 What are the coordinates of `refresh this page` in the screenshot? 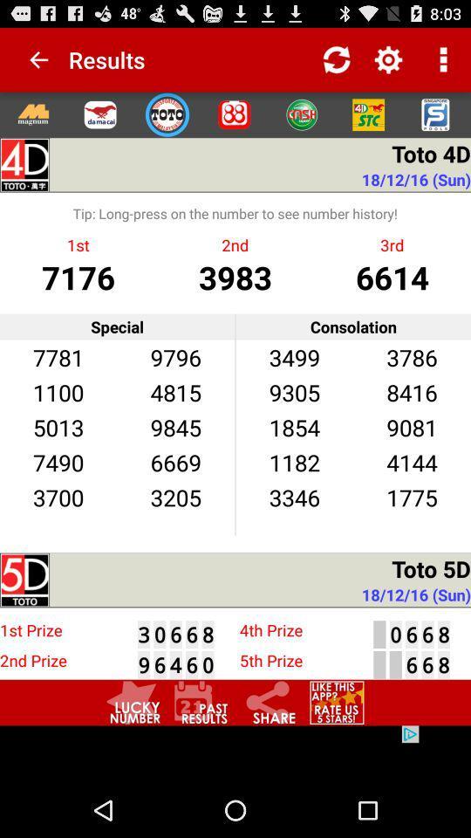 It's located at (337, 59).